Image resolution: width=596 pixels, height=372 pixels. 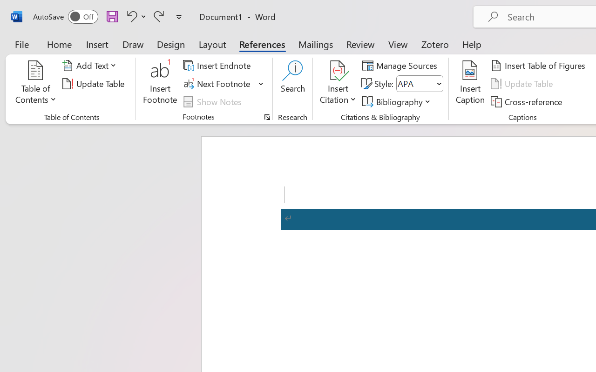 I want to click on 'Style', so click(x=415, y=83).